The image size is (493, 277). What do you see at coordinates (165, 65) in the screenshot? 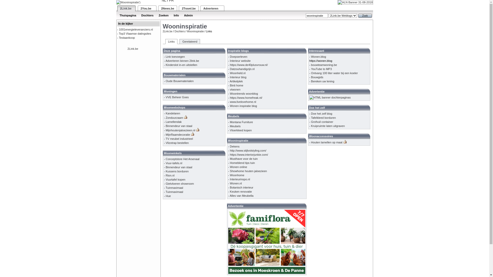
I see `'Kinderslot in-en uitstellen'` at bounding box center [165, 65].